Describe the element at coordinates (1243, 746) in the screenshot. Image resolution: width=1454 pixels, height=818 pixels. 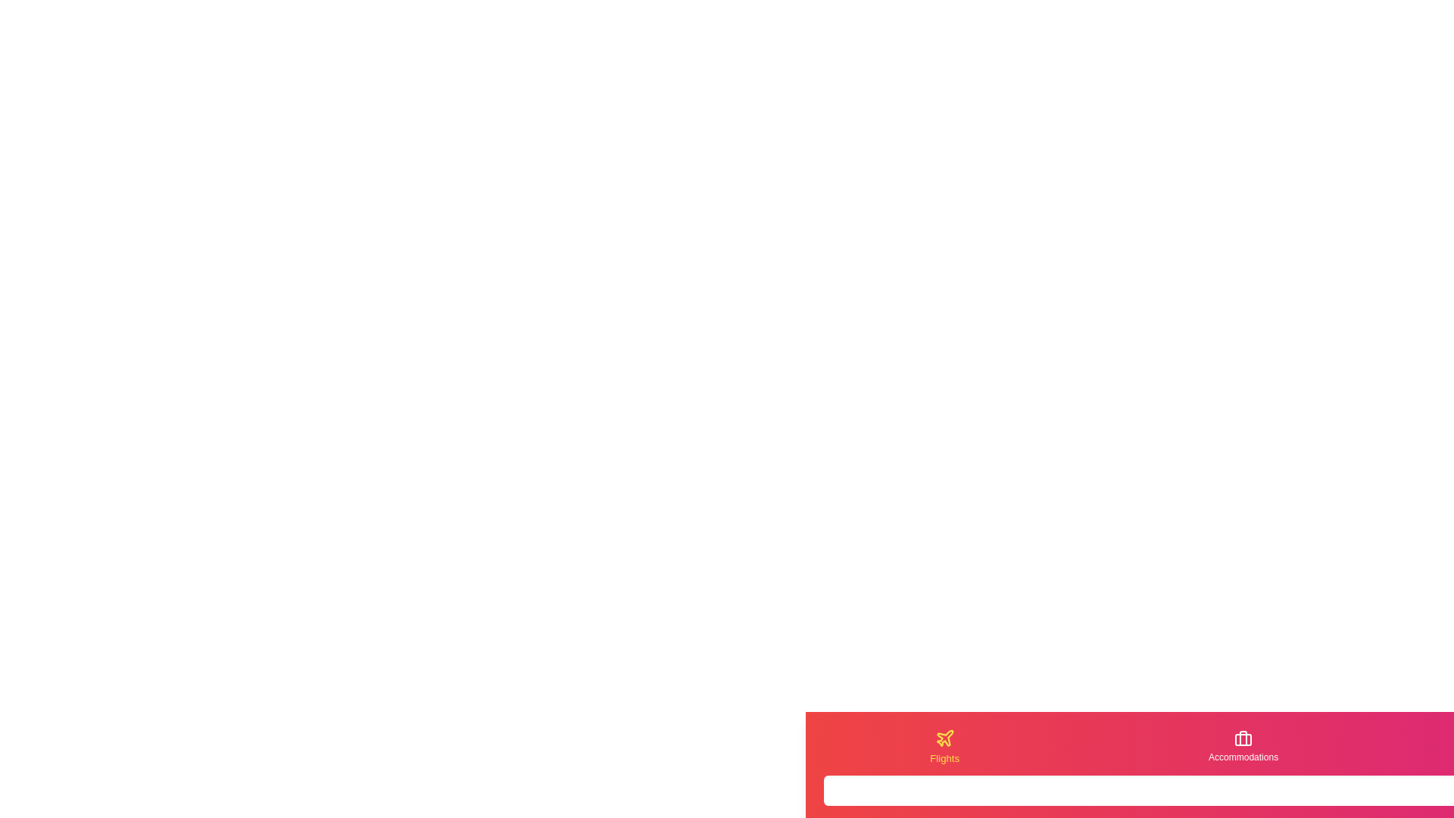
I see `the tab labeled Accommodations to select it` at that location.